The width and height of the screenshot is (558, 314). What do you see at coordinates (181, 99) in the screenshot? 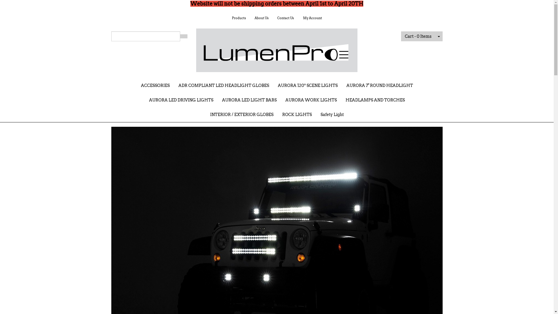
I see `'AURORA LED DRIVING LIGHTS'` at bounding box center [181, 99].